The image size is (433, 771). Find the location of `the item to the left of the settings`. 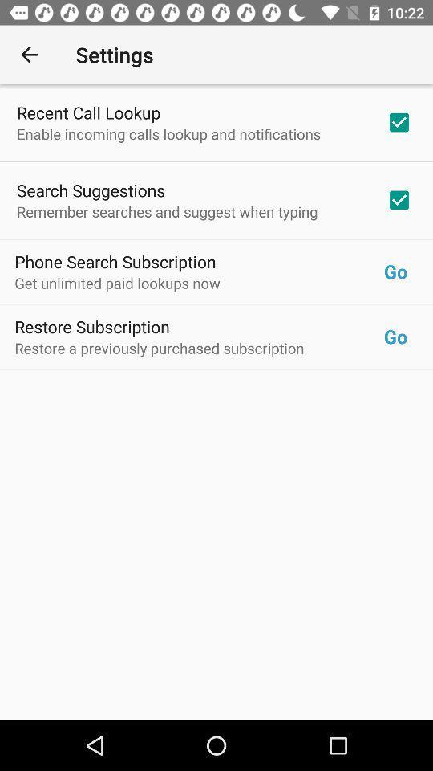

the item to the left of the settings is located at coordinates (29, 55).